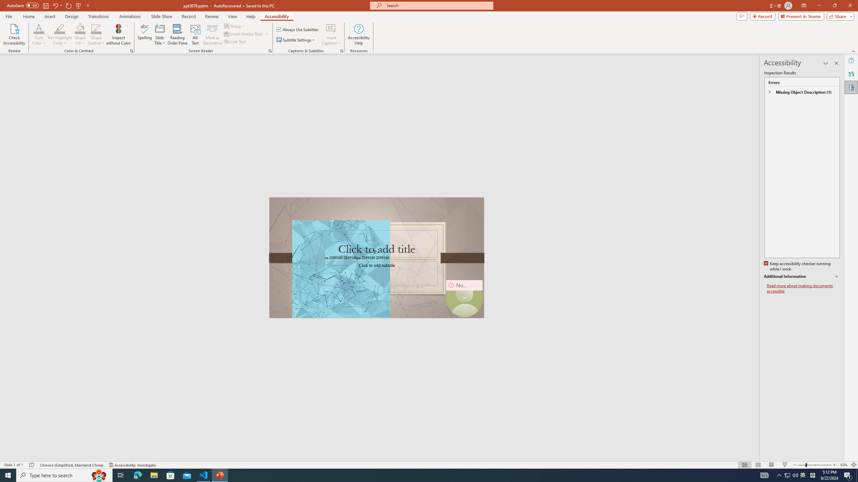  What do you see at coordinates (235, 26) in the screenshot?
I see `'Group'` at bounding box center [235, 26].